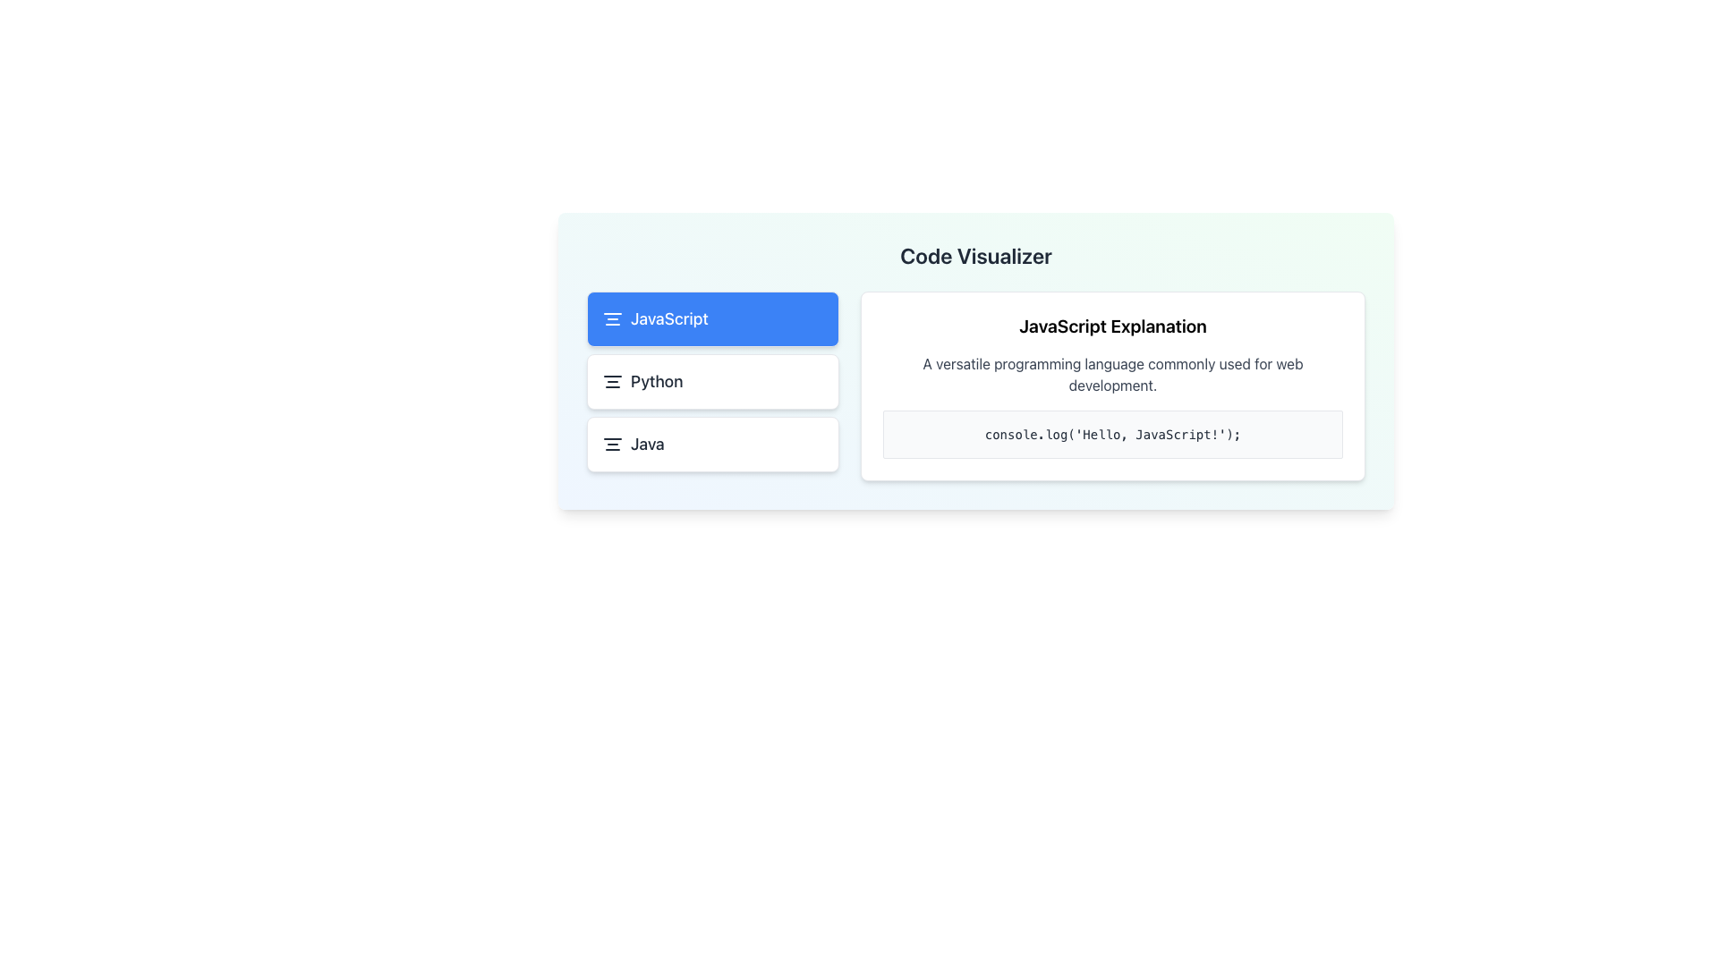  Describe the element at coordinates (613, 444) in the screenshot. I see `the 'Java' icon located immediately to the left of the 'Java' text in the vertically aligned list of items` at that location.